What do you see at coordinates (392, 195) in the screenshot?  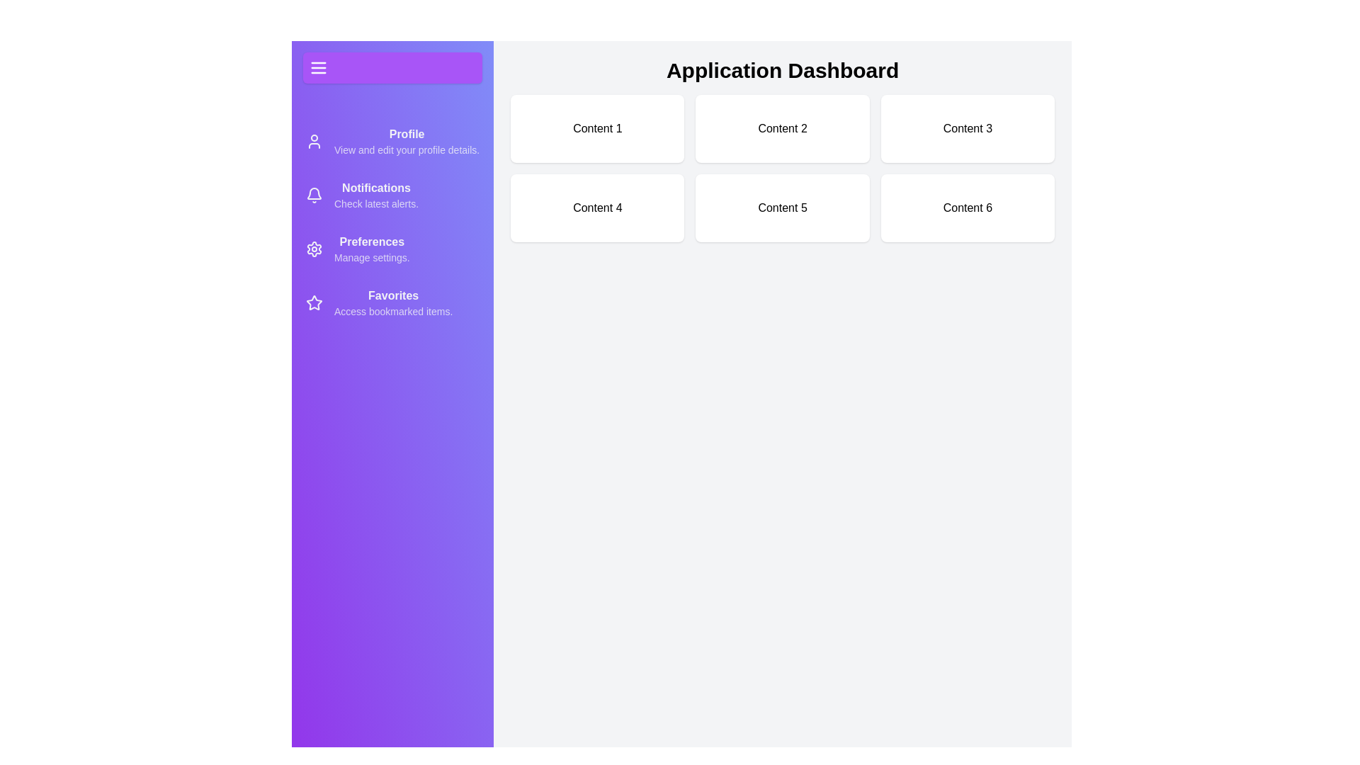 I see `the menu item Notifications from the list` at bounding box center [392, 195].